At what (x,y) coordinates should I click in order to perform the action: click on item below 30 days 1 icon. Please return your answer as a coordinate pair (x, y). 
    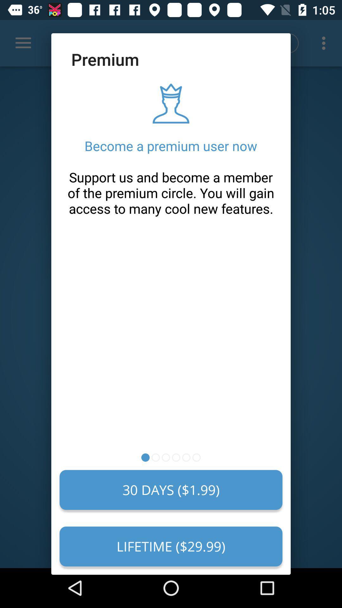
    Looking at the image, I should click on (171, 546).